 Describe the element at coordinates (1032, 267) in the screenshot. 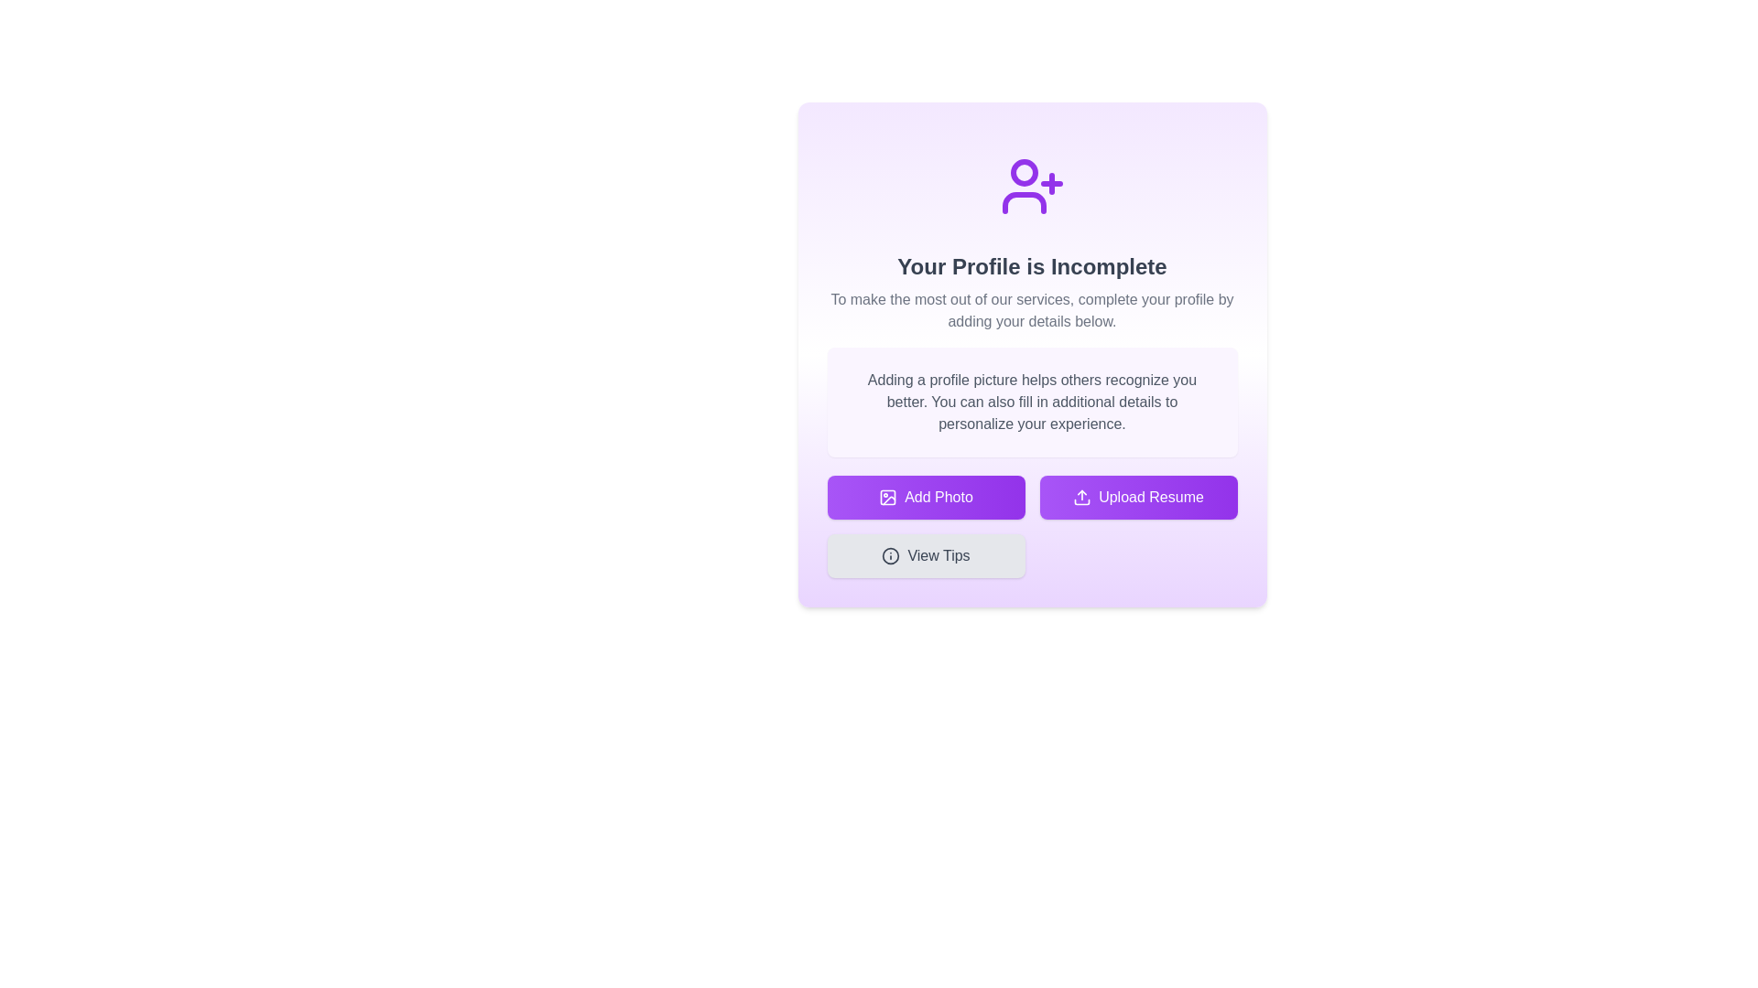

I see `the header text element that informs users about the incomplete status of their profile` at that location.